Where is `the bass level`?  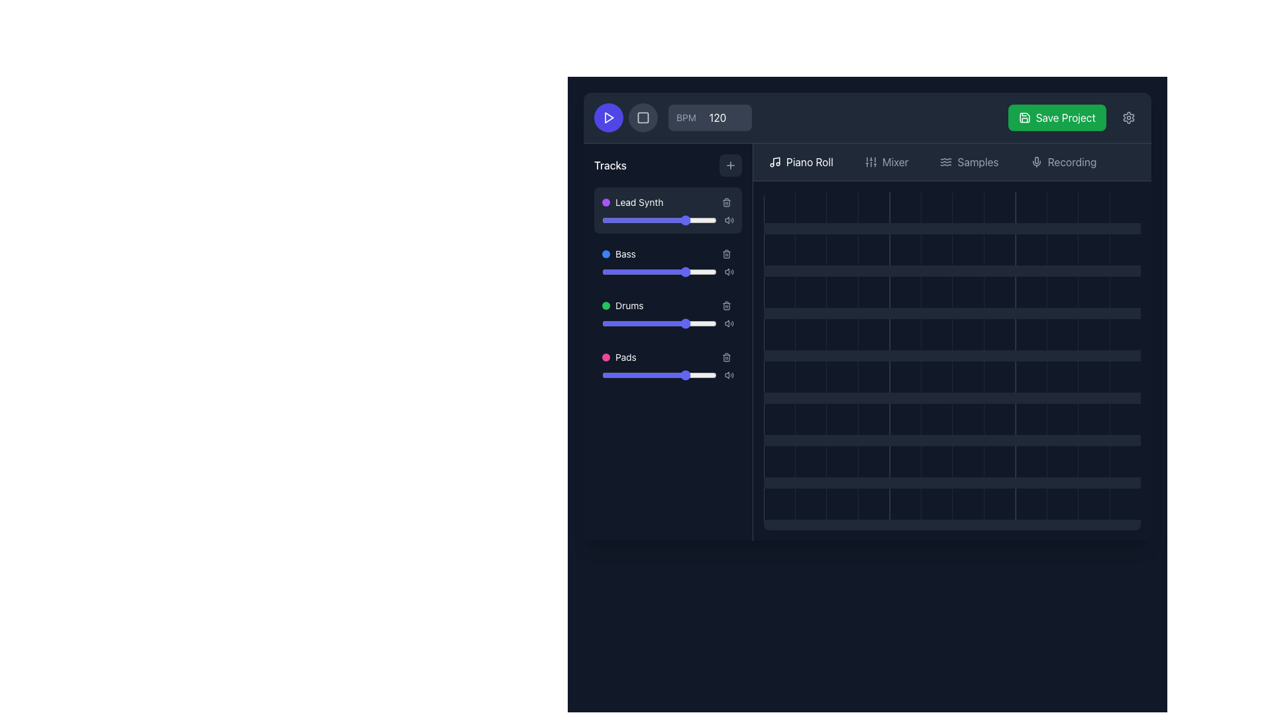
the bass level is located at coordinates (696, 271).